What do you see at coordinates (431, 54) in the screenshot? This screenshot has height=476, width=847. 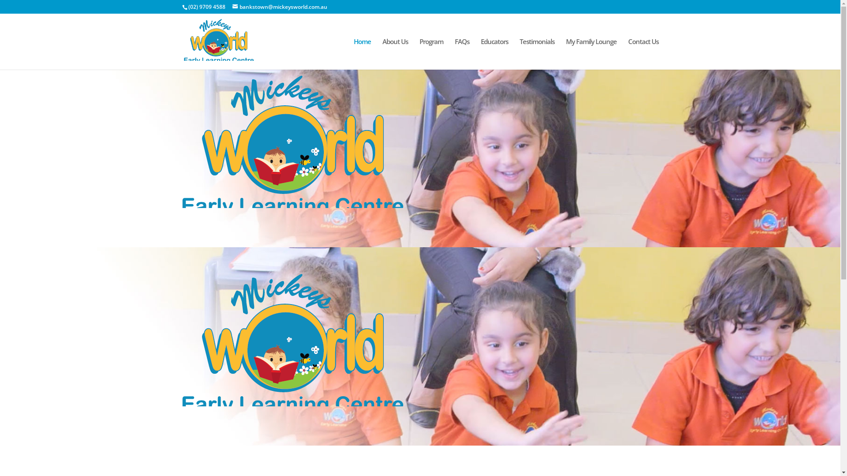 I see `'Program'` at bounding box center [431, 54].